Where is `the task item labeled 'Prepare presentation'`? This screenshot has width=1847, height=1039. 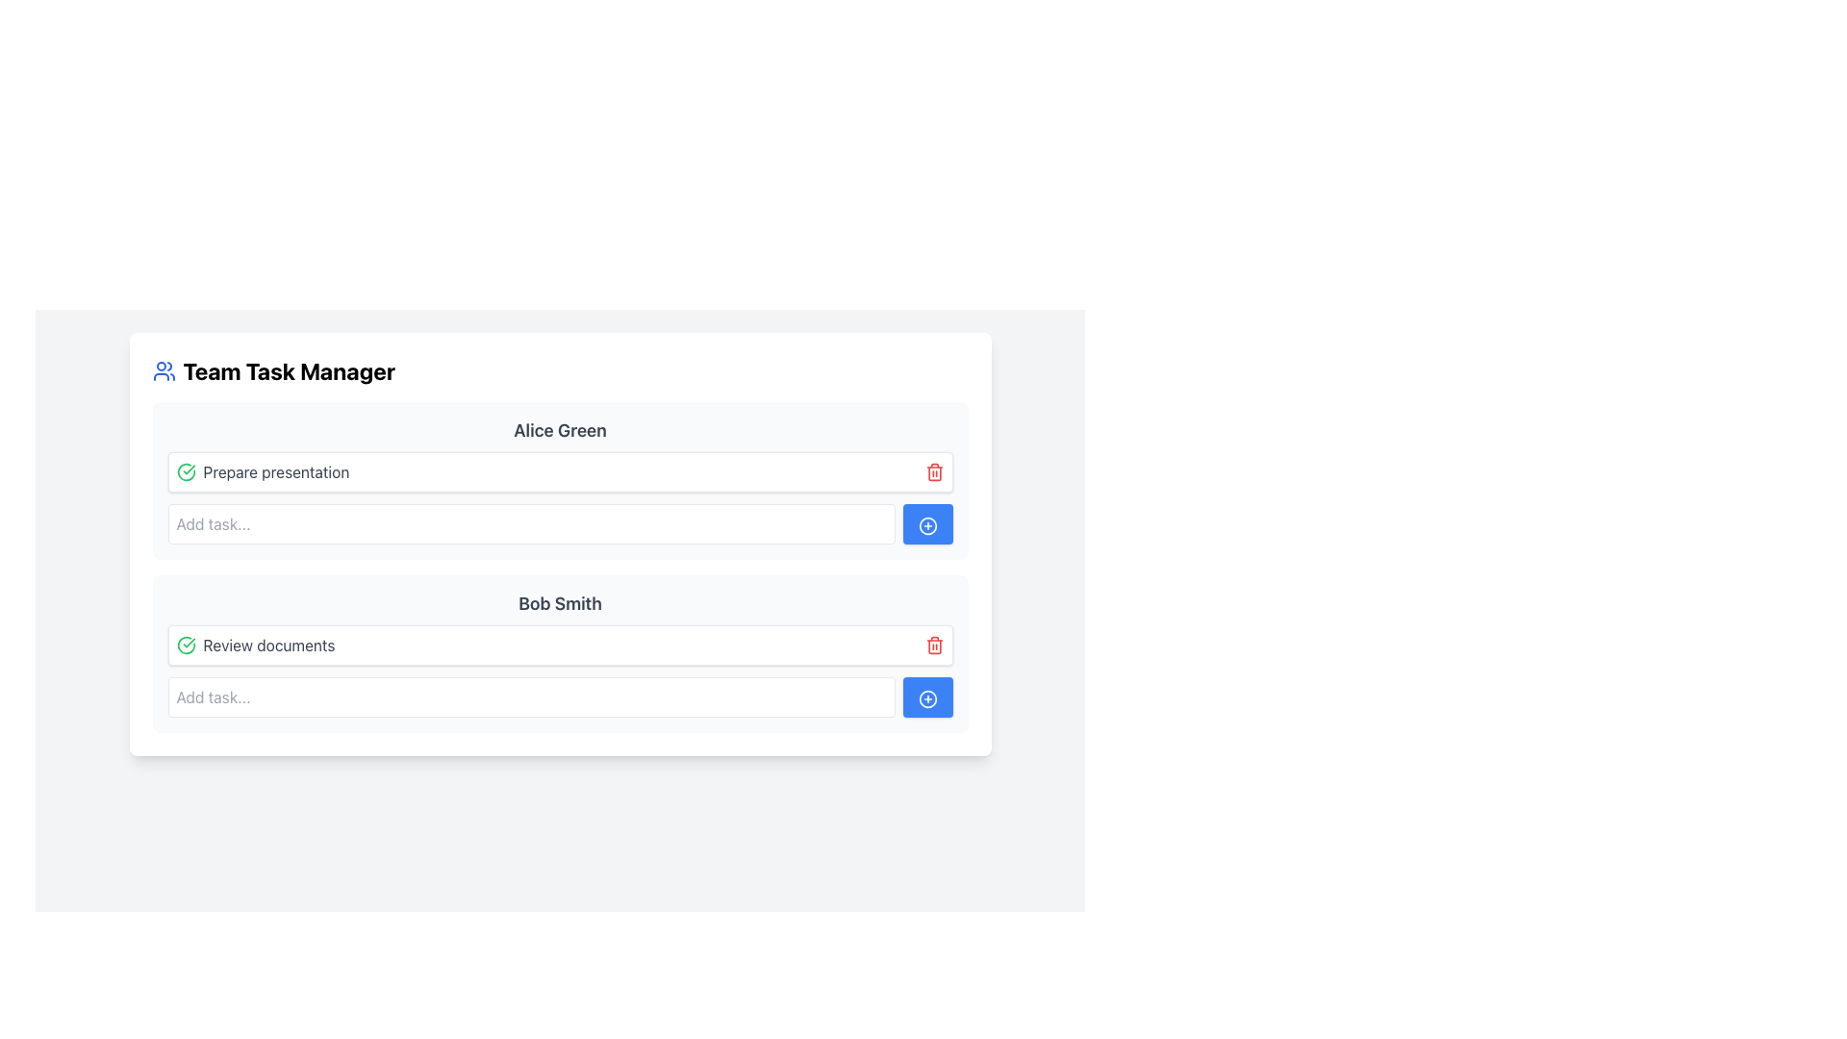
the task item labeled 'Prepare presentation' is located at coordinates (559, 471).